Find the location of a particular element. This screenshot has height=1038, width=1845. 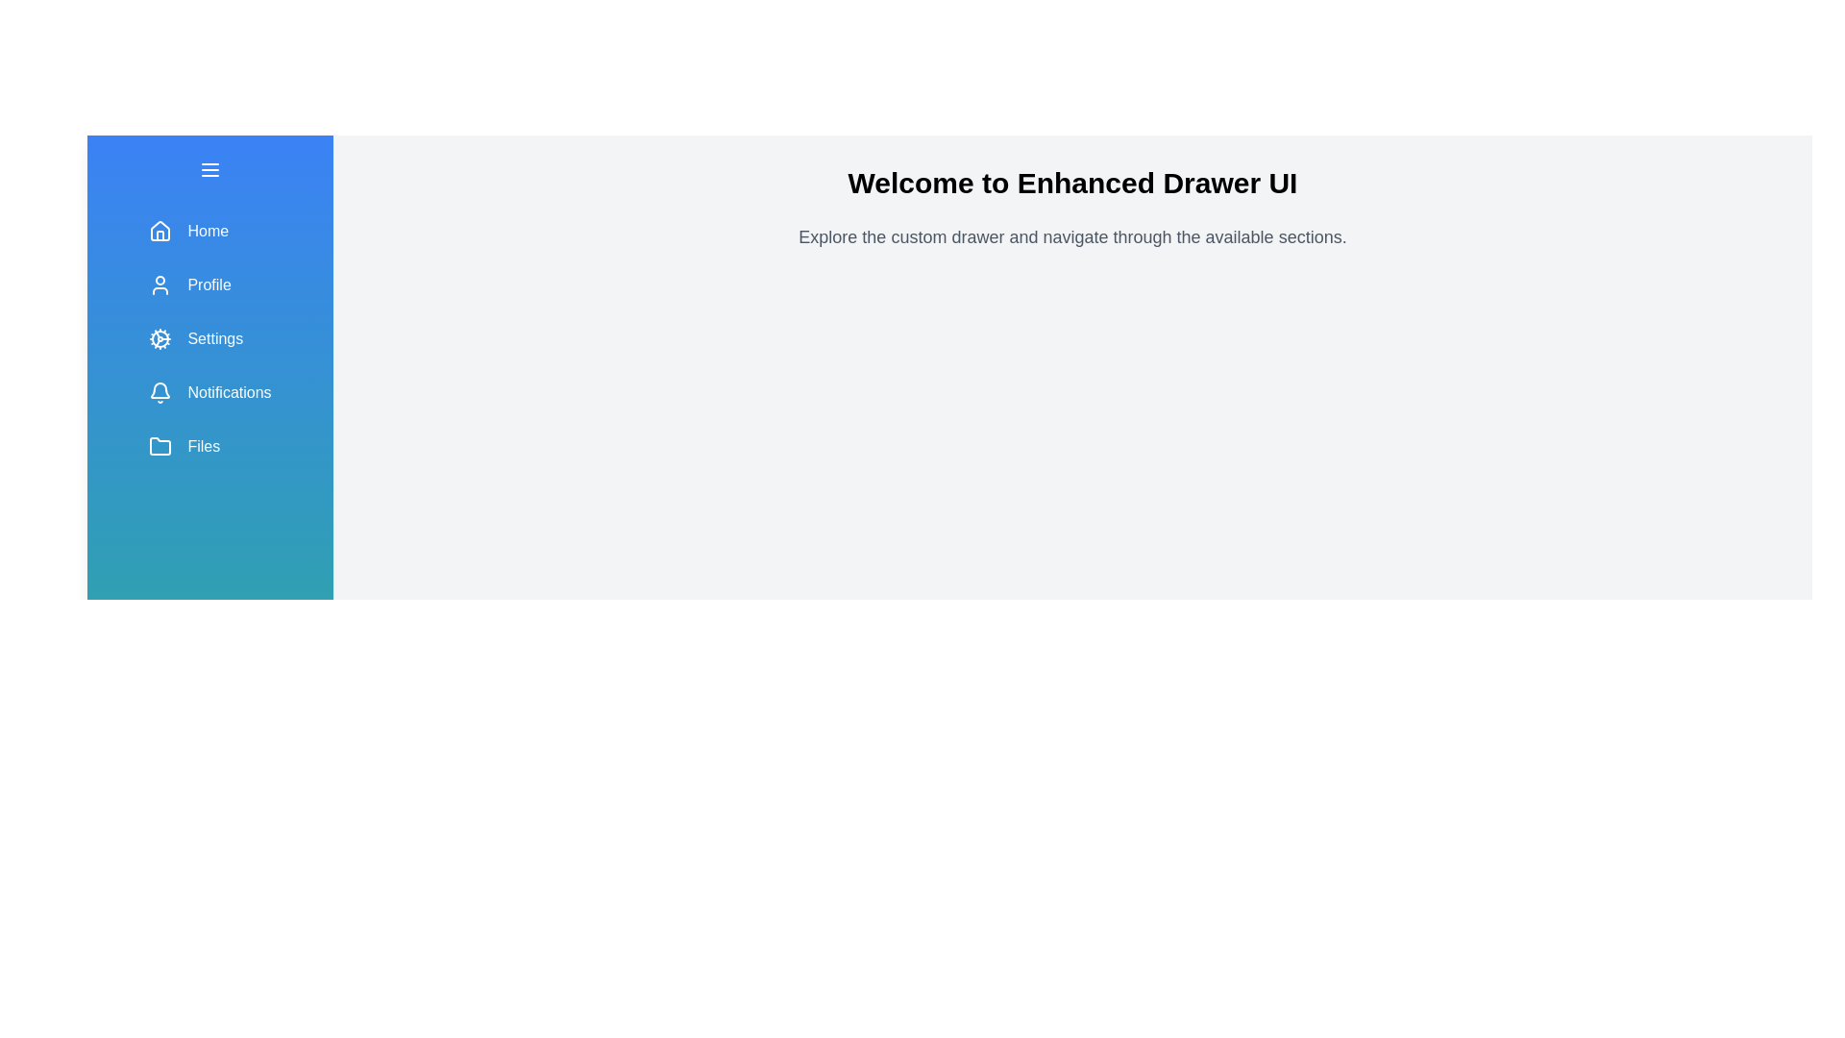

the navigation menu item labeled Settings is located at coordinates (210, 338).